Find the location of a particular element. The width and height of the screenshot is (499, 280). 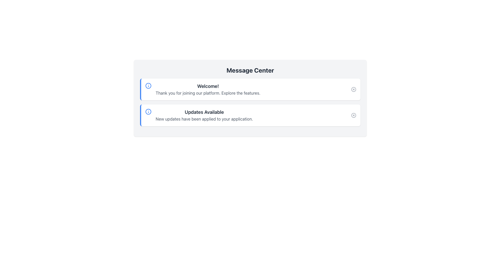

the graphical decoration or SVG circle located in the top-right corner of the first notification card, which is part of an icon element is located at coordinates (353, 89).